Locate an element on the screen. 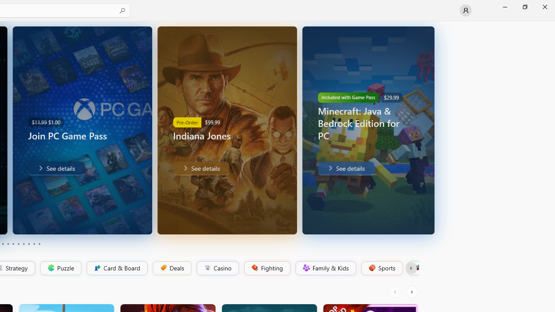 Image resolution: width=555 pixels, height=312 pixels. 'Page 7' is located at coordinates (23, 244).